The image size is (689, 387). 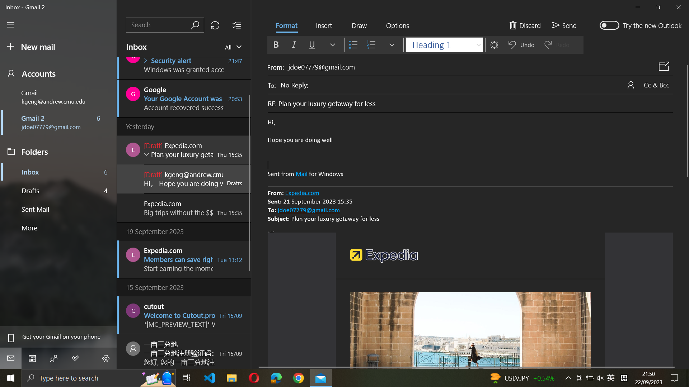 What do you see at coordinates (470, 148) in the screenshot?
I see `and apply underline style to all text in a mail document` at bounding box center [470, 148].